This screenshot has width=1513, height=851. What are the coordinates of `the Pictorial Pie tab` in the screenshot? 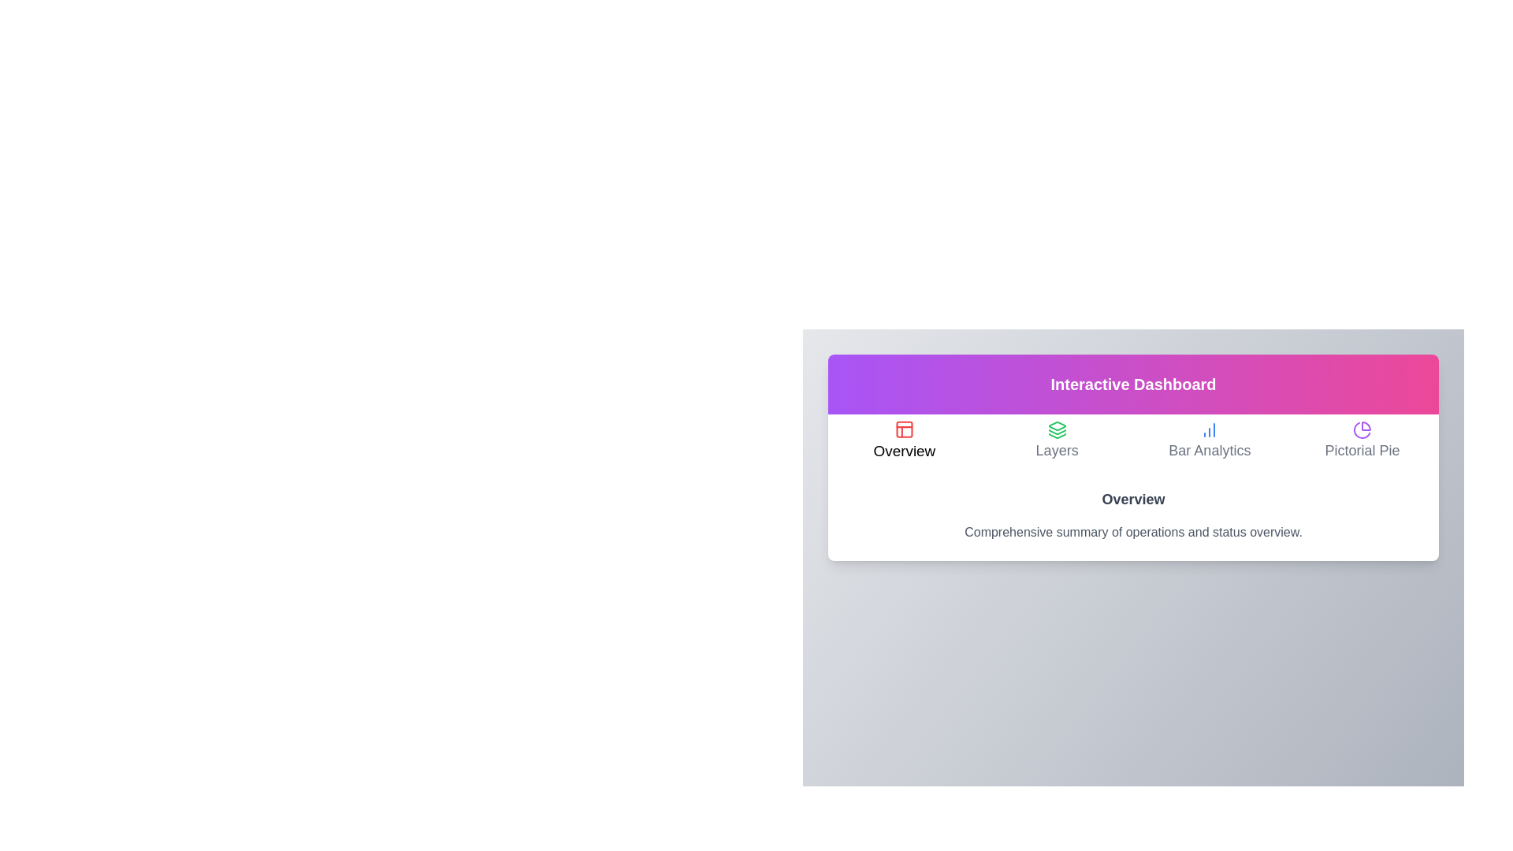 It's located at (1362, 441).